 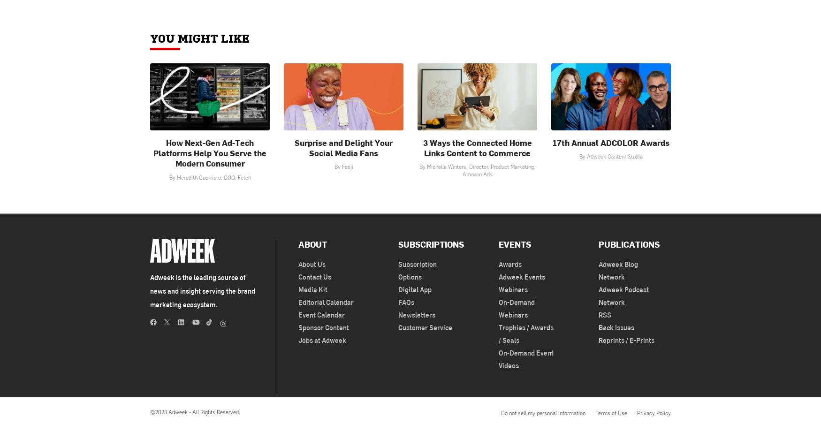 I want to click on 'Contact Us', so click(x=314, y=276).